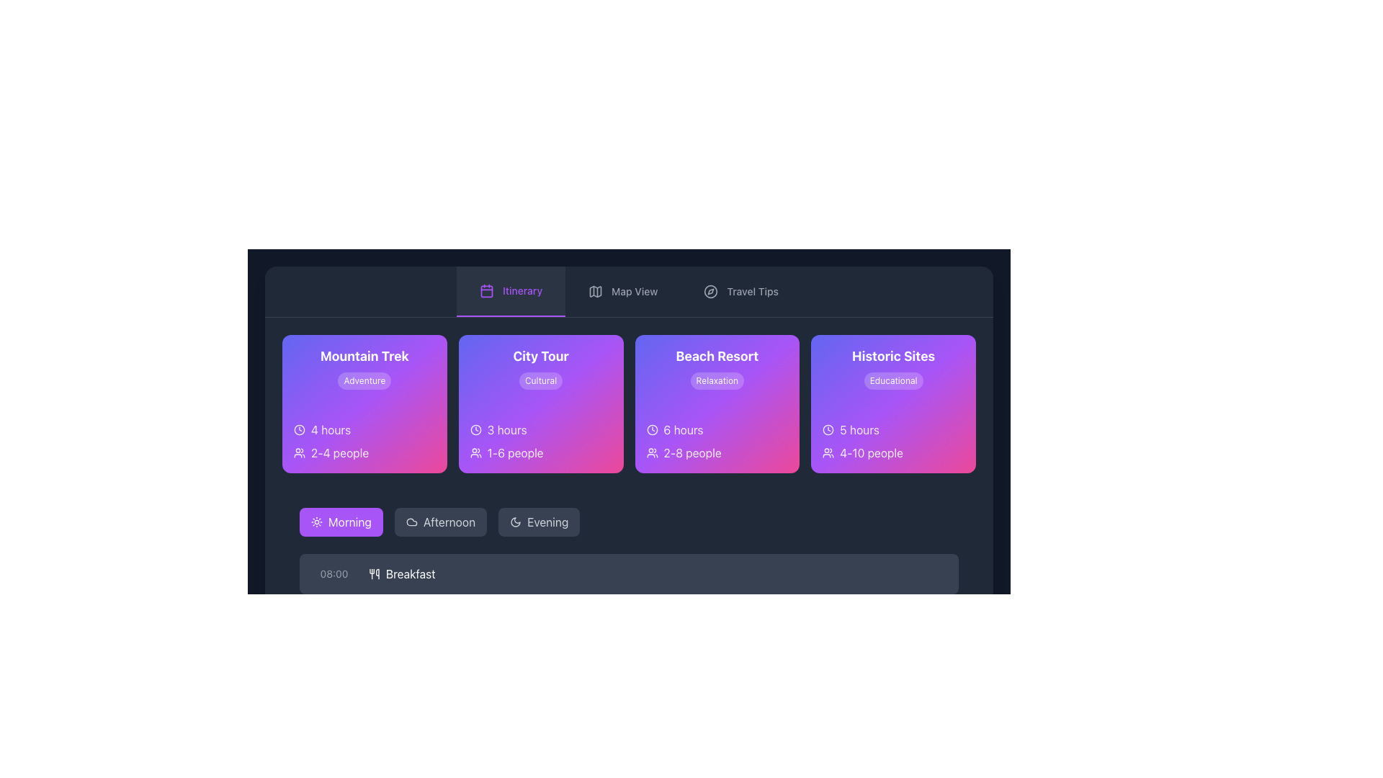  Describe the element at coordinates (828, 452) in the screenshot. I see `the small outlined icon depicting a stylized group of people located in the '4-10 people' section of the Historic Sites card, positioned at the top-left corner of the '4-10 people' text` at that location.